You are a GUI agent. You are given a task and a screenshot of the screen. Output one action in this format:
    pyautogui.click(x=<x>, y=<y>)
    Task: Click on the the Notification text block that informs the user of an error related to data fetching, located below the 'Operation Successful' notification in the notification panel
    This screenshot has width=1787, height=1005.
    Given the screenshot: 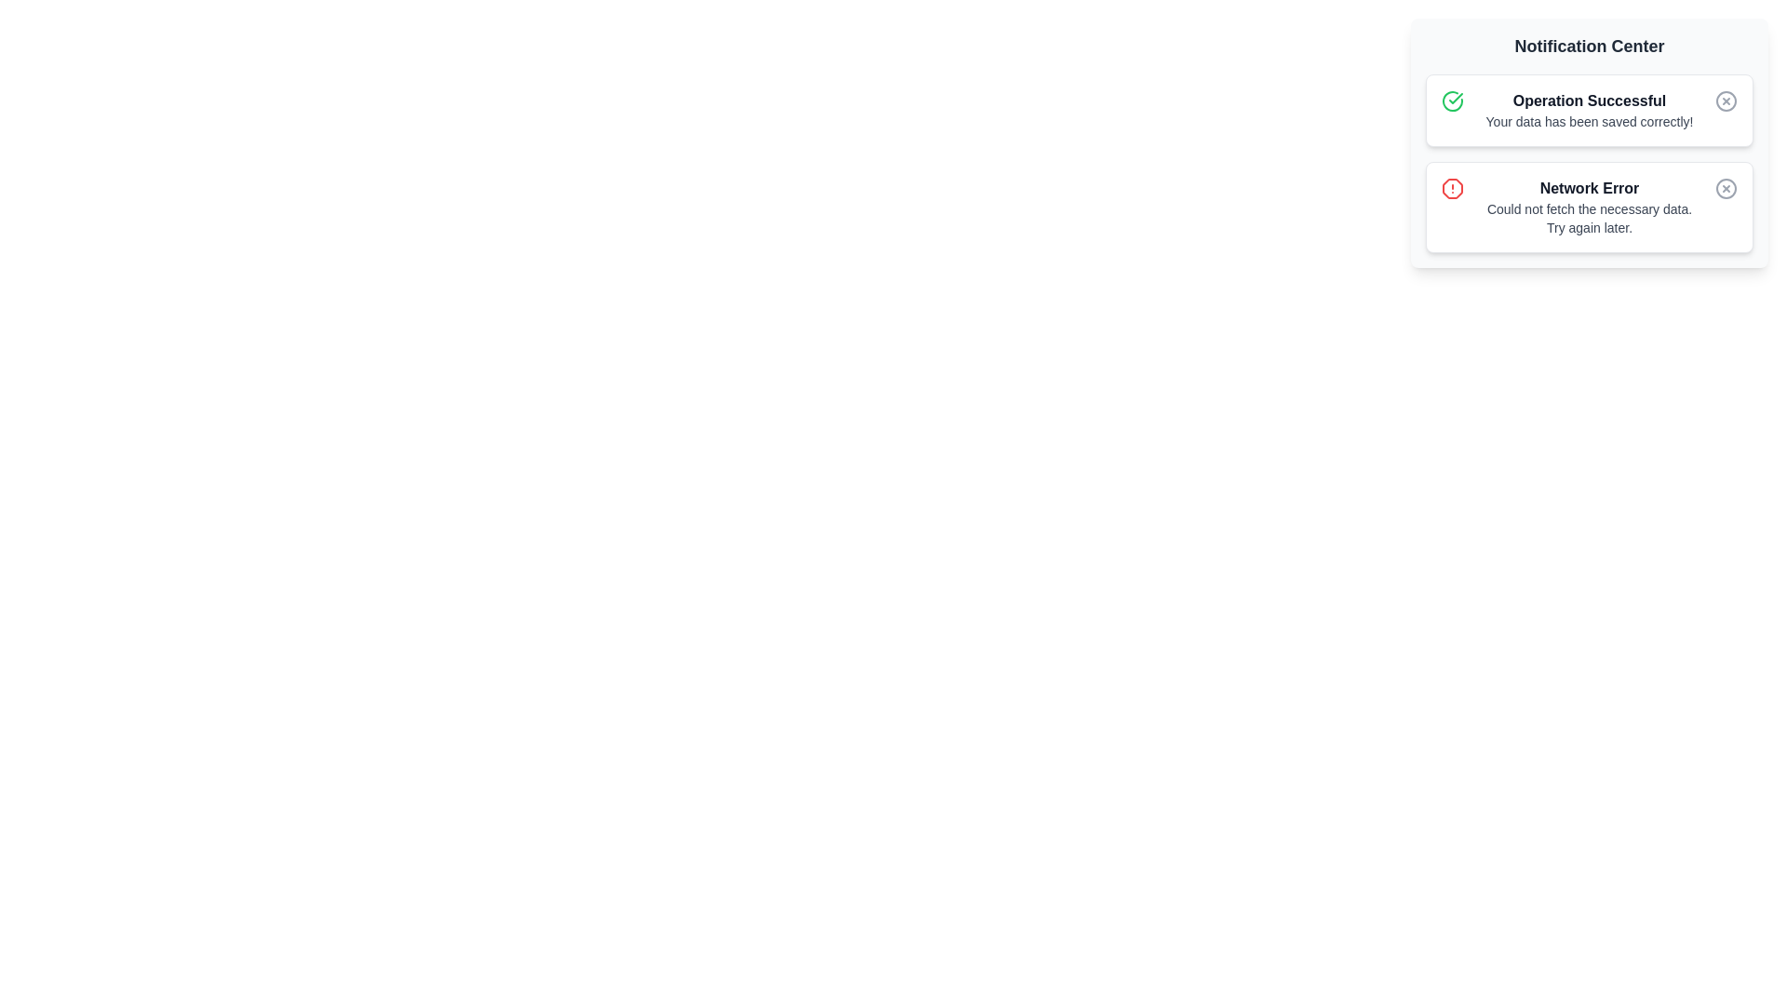 What is the action you would take?
    pyautogui.click(x=1589, y=208)
    